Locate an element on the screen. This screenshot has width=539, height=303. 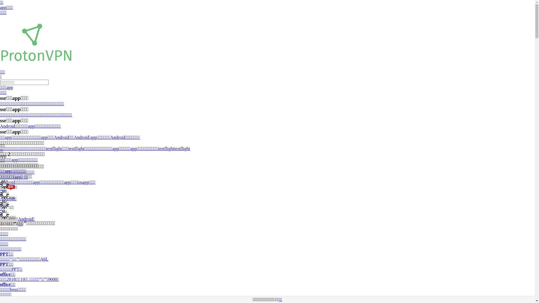
'testflight' is located at coordinates (46, 148).